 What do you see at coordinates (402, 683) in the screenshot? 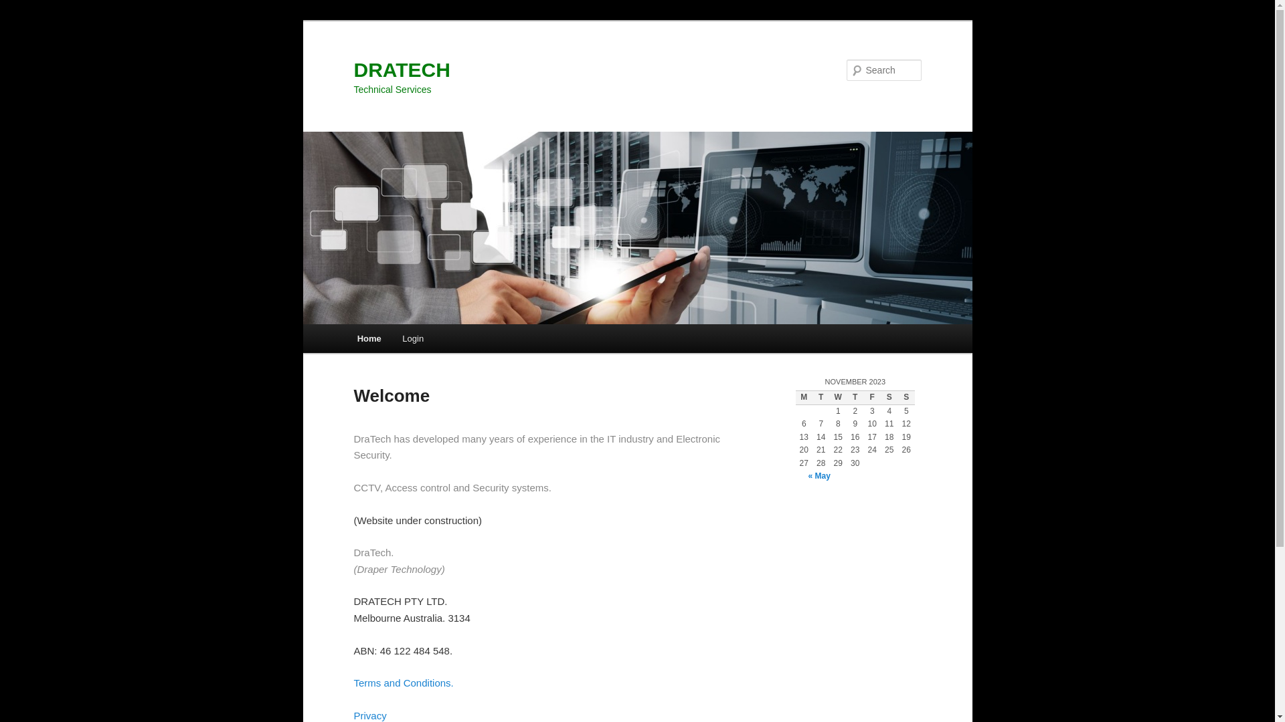
I see `'Terms and Conditions.'` at bounding box center [402, 683].